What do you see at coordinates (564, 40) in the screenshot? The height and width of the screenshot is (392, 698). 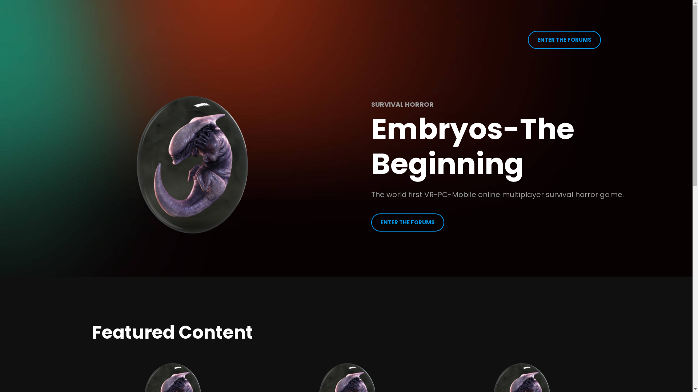 I see `'ENTER THE FORUMS'` at bounding box center [564, 40].